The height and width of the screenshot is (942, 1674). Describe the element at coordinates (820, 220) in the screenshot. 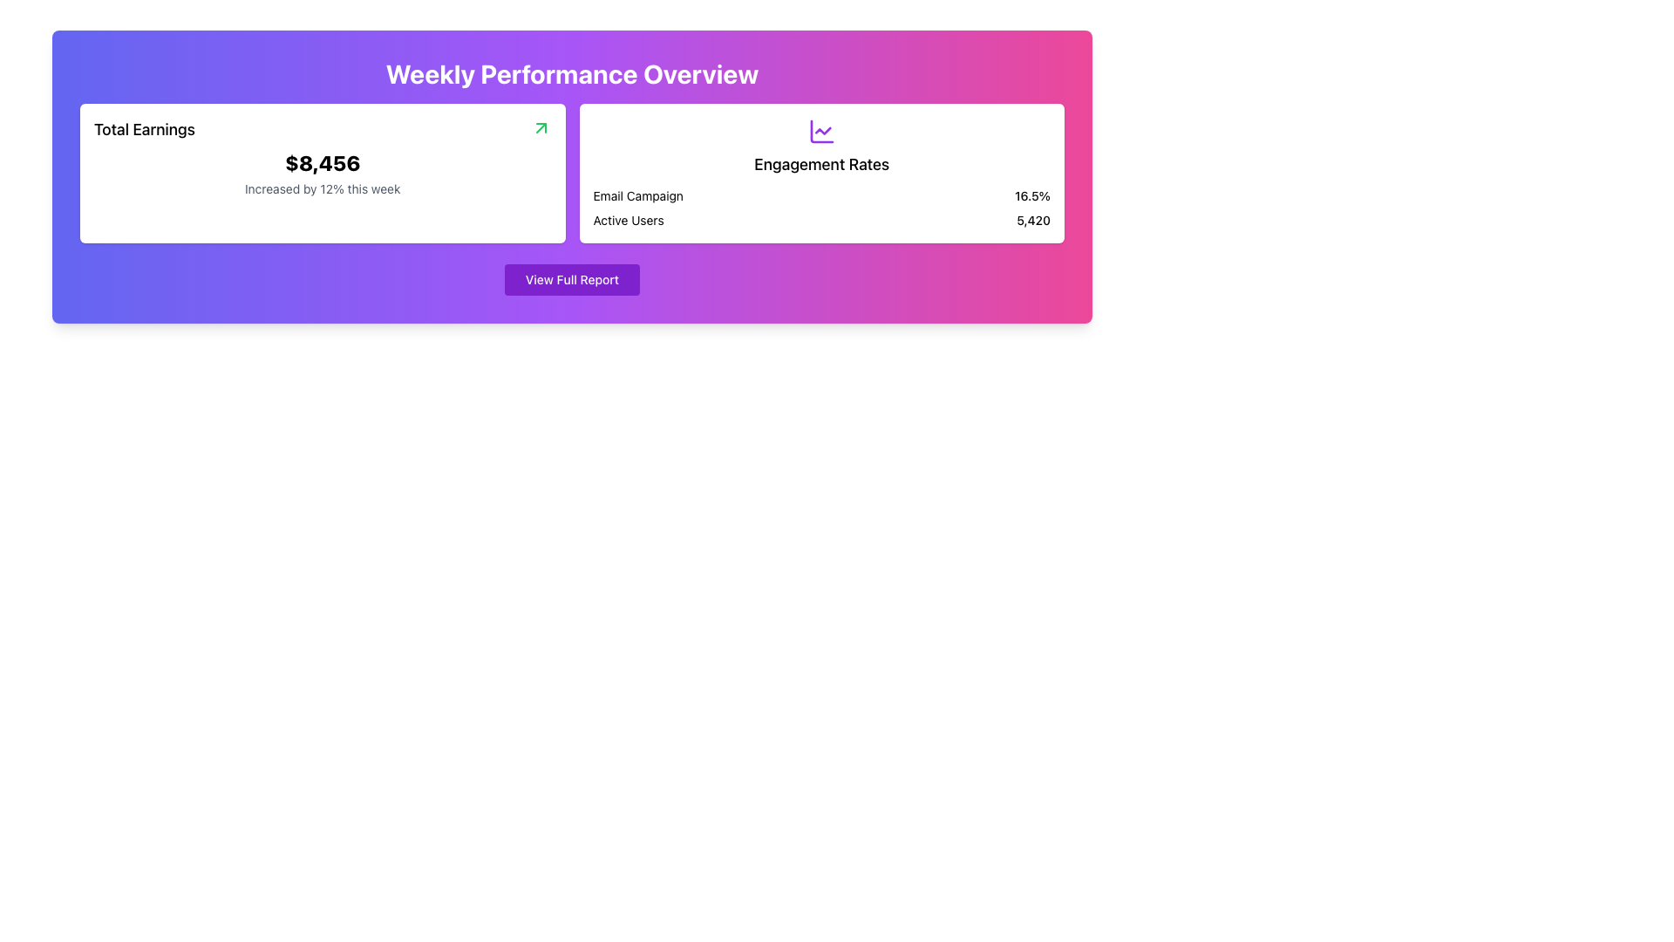

I see `the Informative data display showing 'Active Users' and '5,420' within the 'Engagement Rates' section` at that location.